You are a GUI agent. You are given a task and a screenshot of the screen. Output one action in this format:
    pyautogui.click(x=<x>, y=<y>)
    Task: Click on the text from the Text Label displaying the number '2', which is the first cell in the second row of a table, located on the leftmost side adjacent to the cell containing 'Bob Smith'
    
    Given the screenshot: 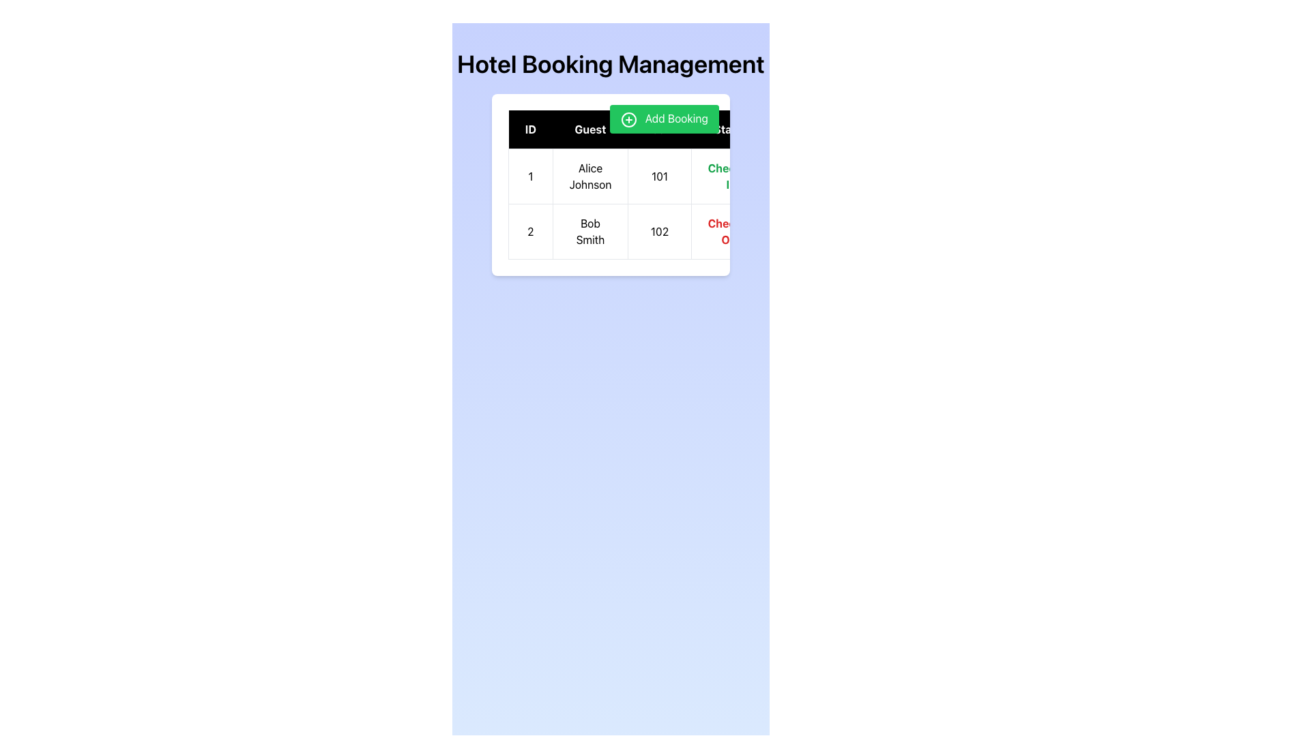 What is the action you would take?
    pyautogui.click(x=529, y=230)
    